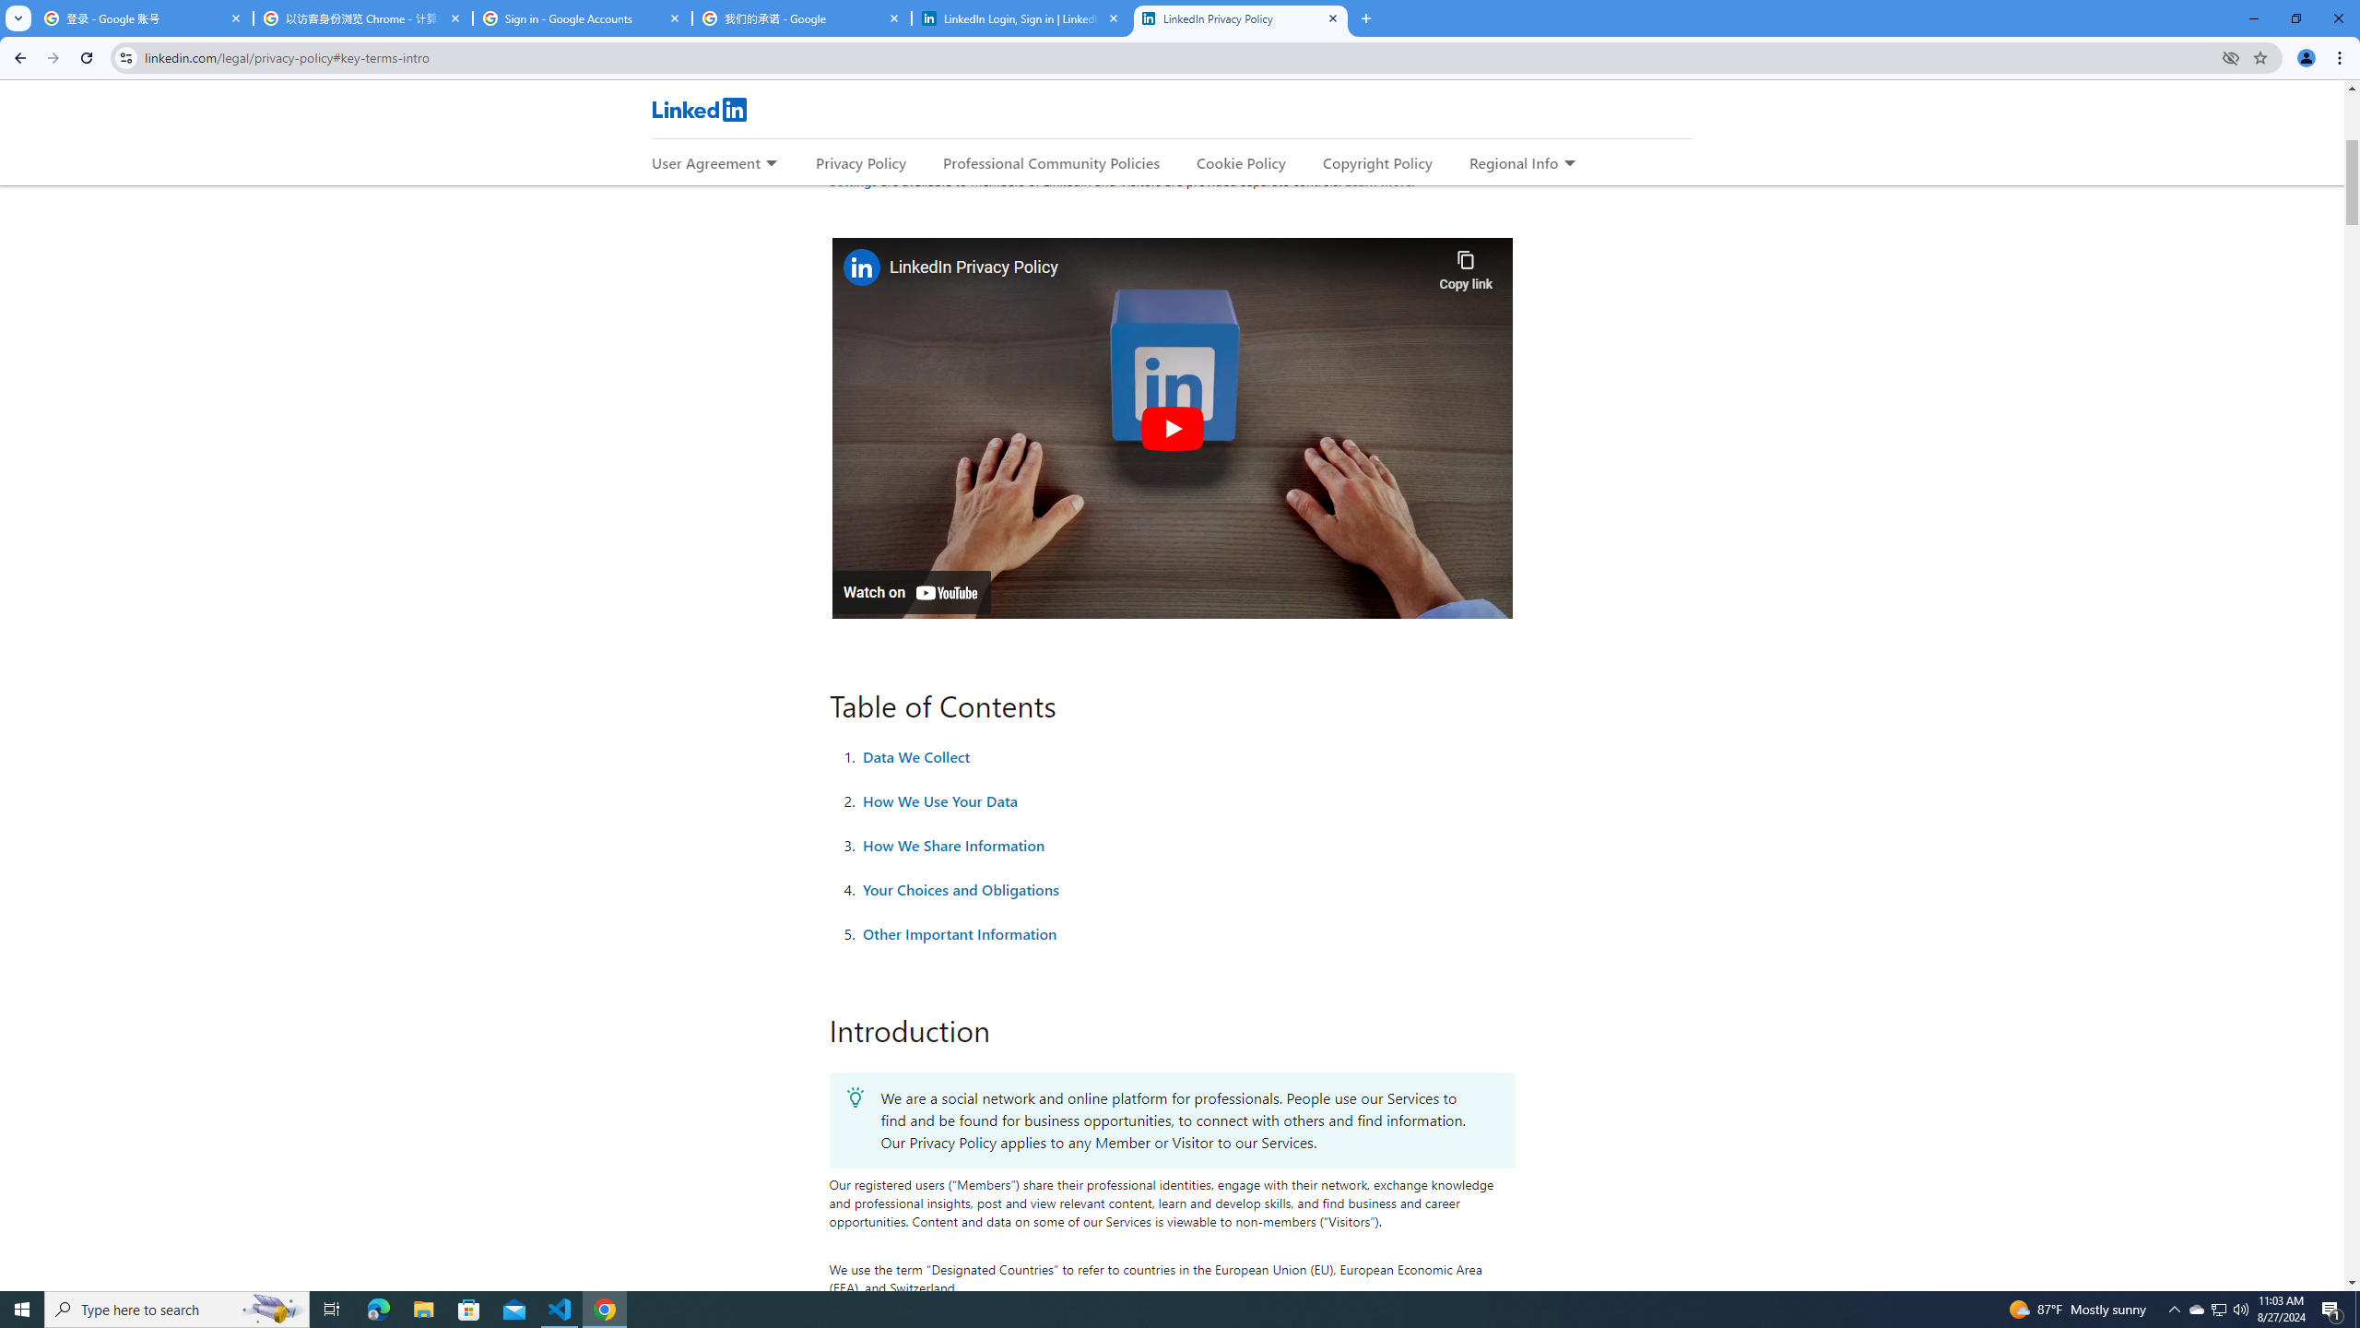 Image resolution: width=2360 pixels, height=1328 pixels. Describe the element at coordinates (1375, 162) in the screenshot. I see `'Copyright Policy'` at that location.